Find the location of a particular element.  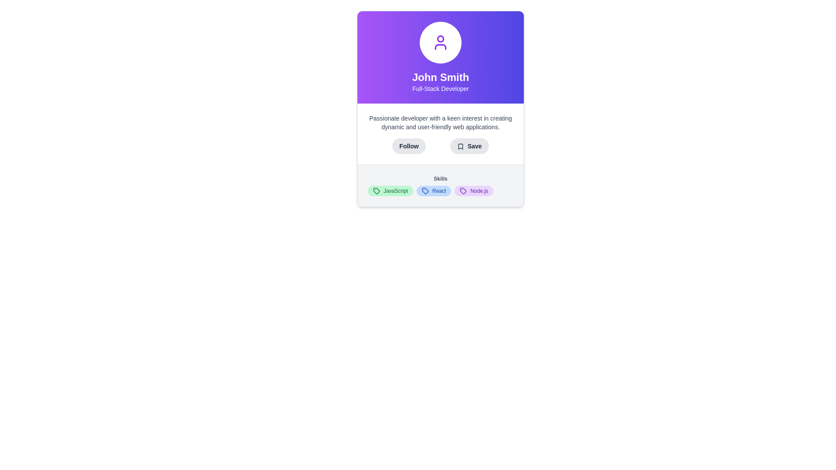

the Text label that displays the user's name prominently on the profile card, which is positioned within a violet gradient background at the top-middle of the interface is located at coordinates (441, 77).